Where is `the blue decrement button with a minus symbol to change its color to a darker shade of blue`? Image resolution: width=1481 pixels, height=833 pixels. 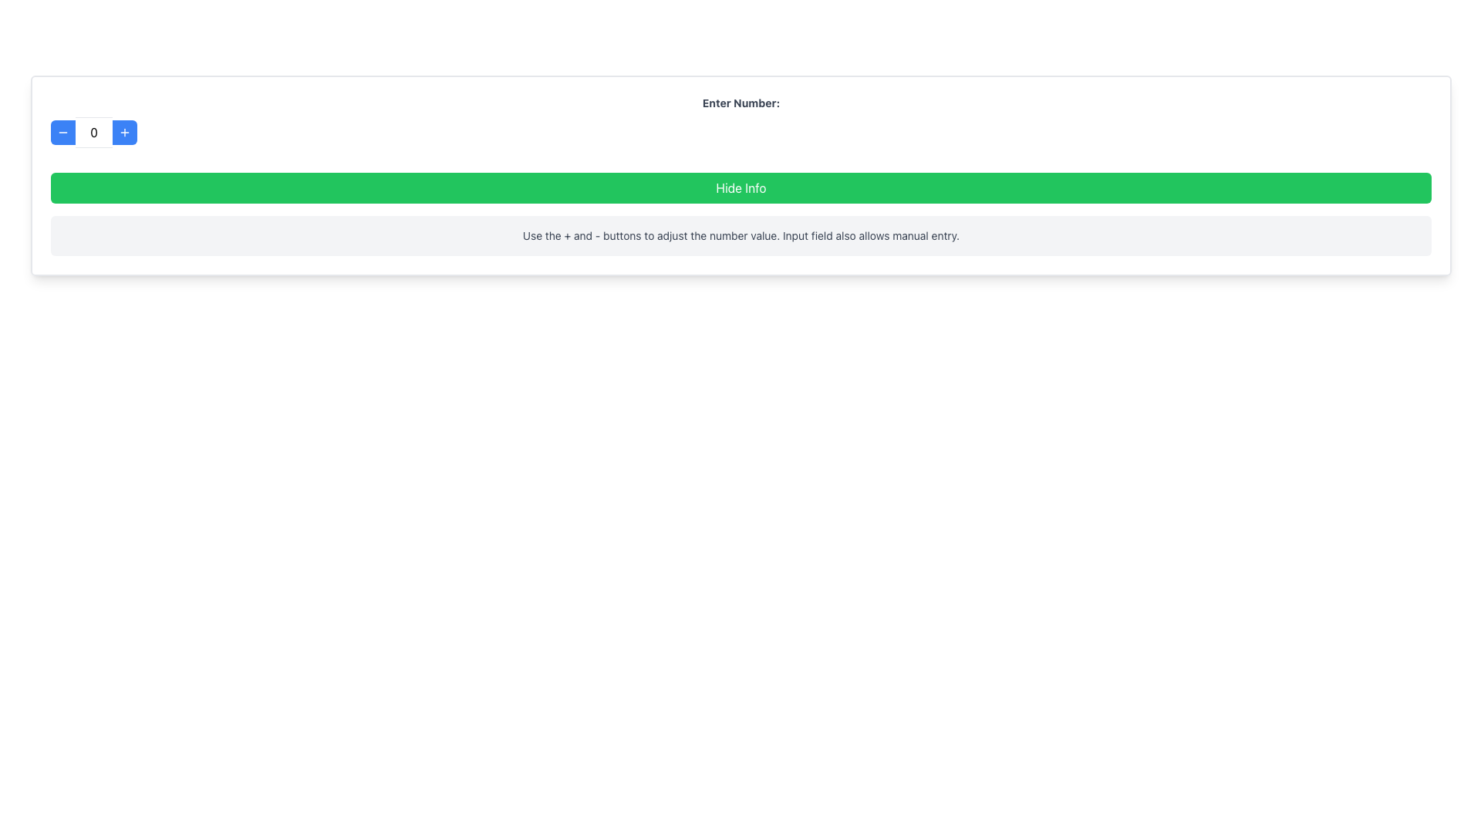 the blue decrement button with a minus symbol to change its color to a darker shade of blue is located at coordinates (62, 132).